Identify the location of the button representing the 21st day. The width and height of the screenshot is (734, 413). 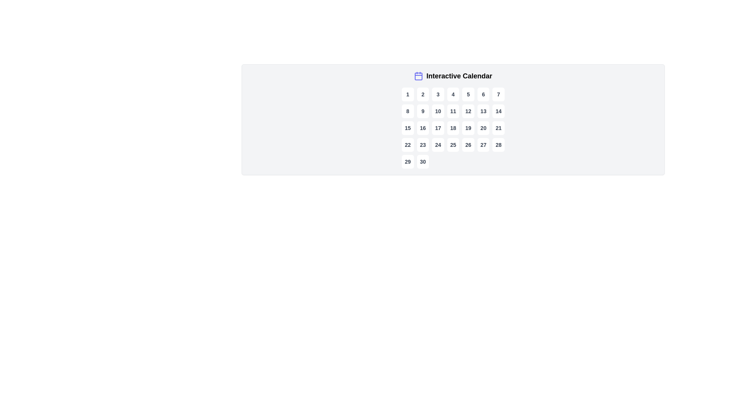
(499, 128).